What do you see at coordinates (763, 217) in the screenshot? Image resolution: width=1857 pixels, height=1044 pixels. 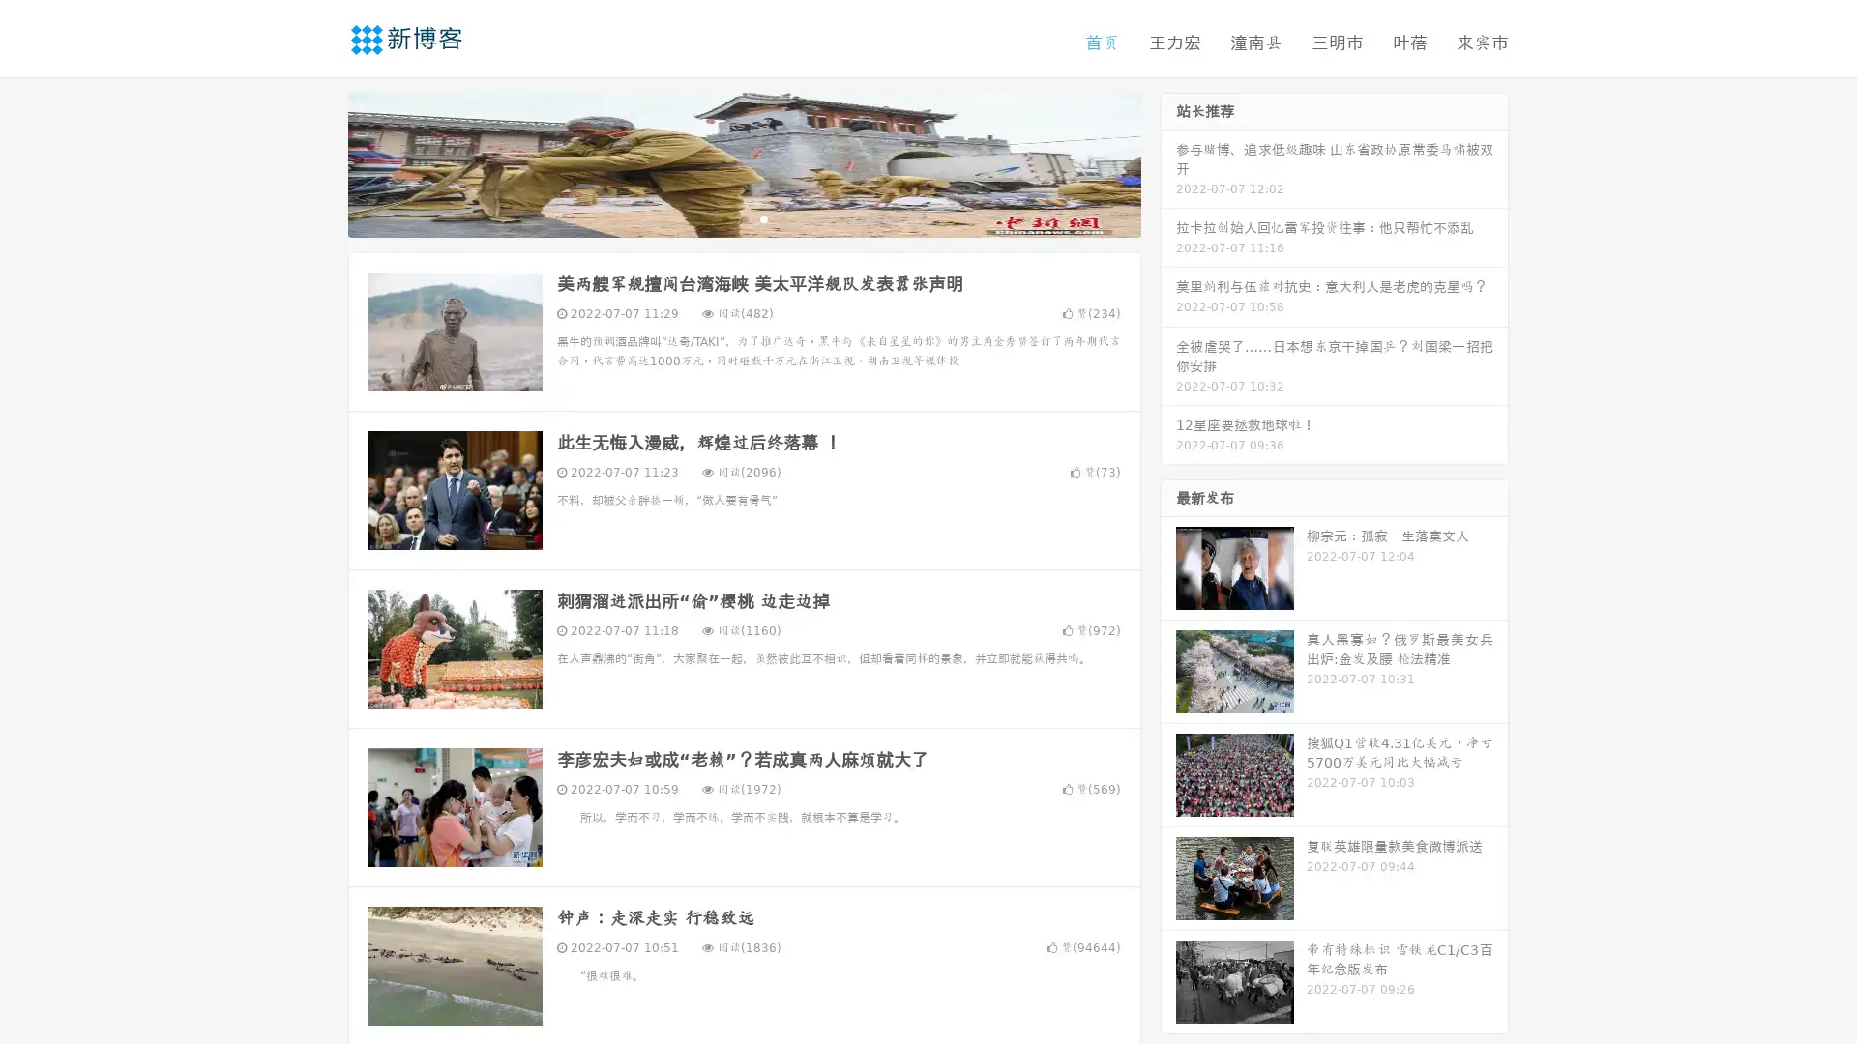 I see `Go to slide 3` at bounding box center [763, 217].